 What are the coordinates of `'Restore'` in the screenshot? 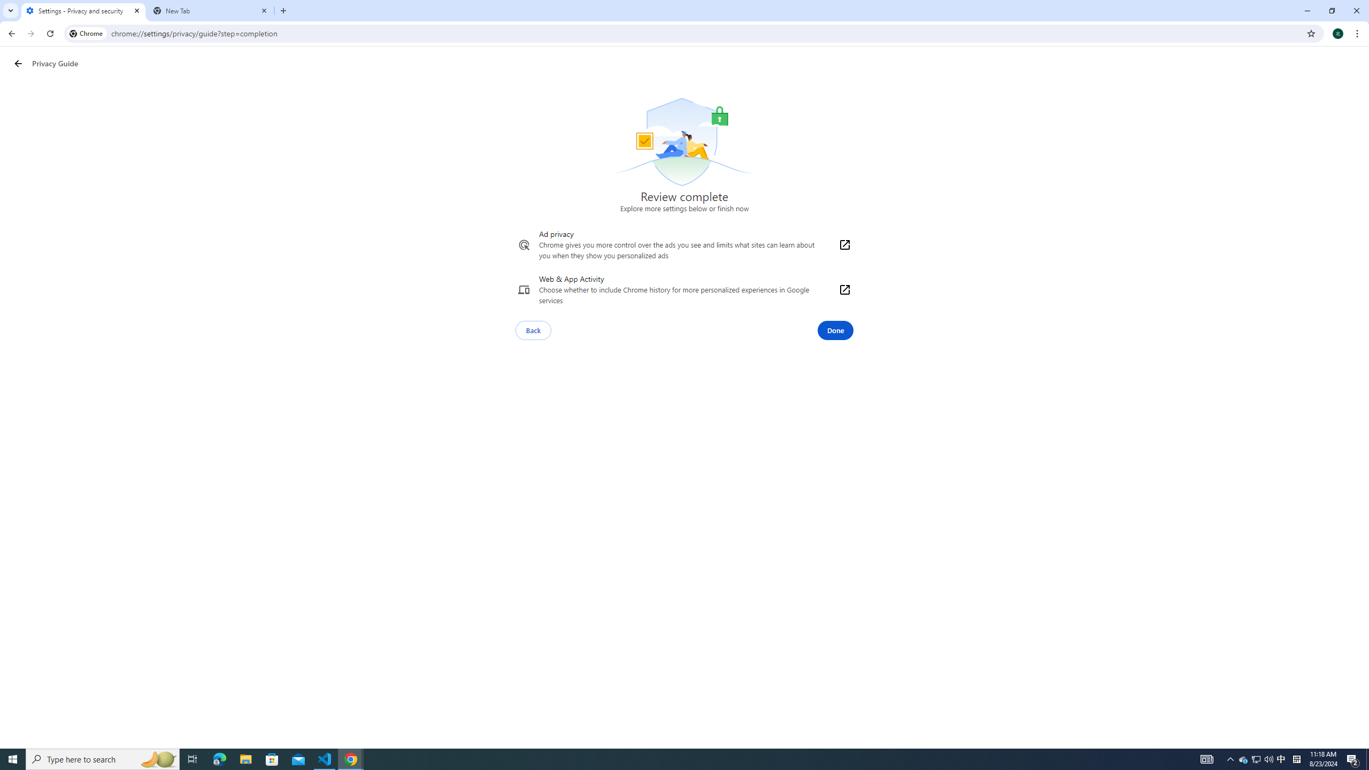 It's located at (1332, 10).